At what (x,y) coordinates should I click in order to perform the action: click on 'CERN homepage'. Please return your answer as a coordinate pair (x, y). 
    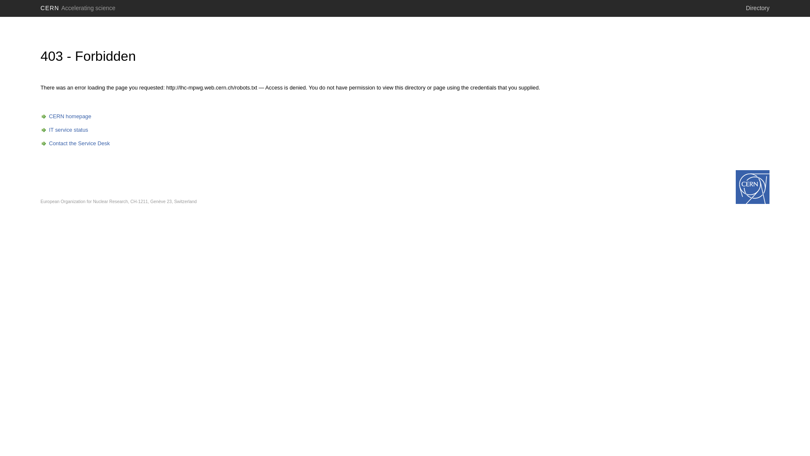
    Looking at the image, I should click on (65, 116).